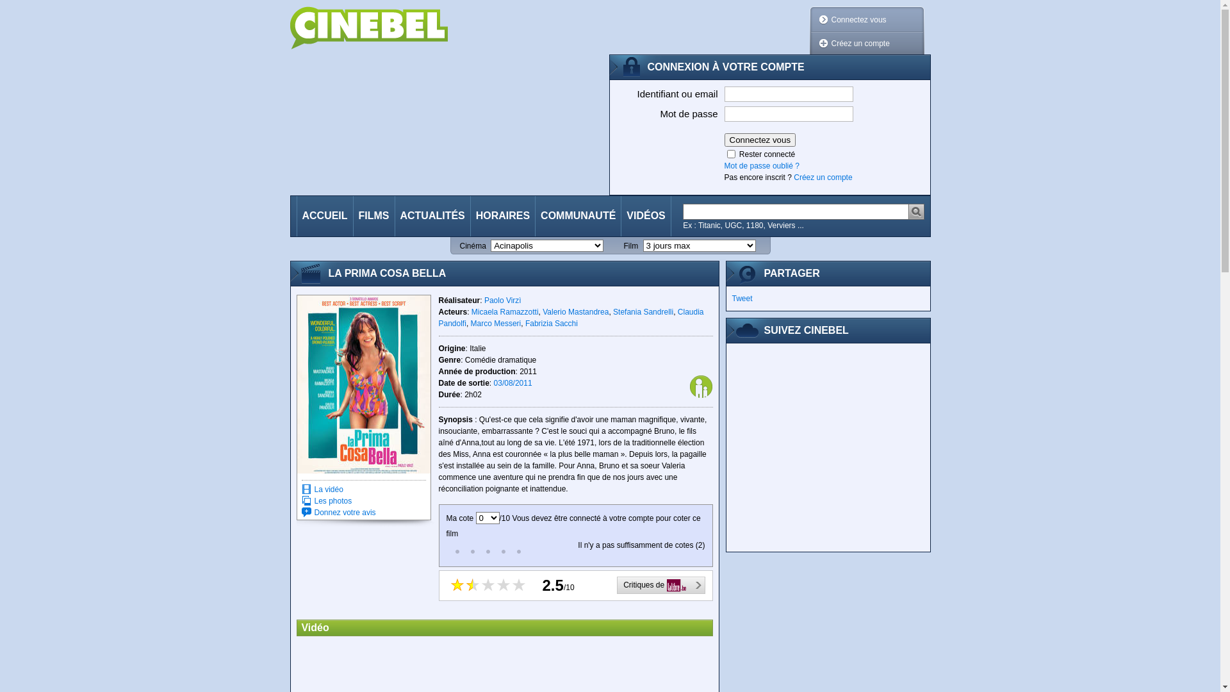  I want to click on 'Tweet', so click(732, 299).